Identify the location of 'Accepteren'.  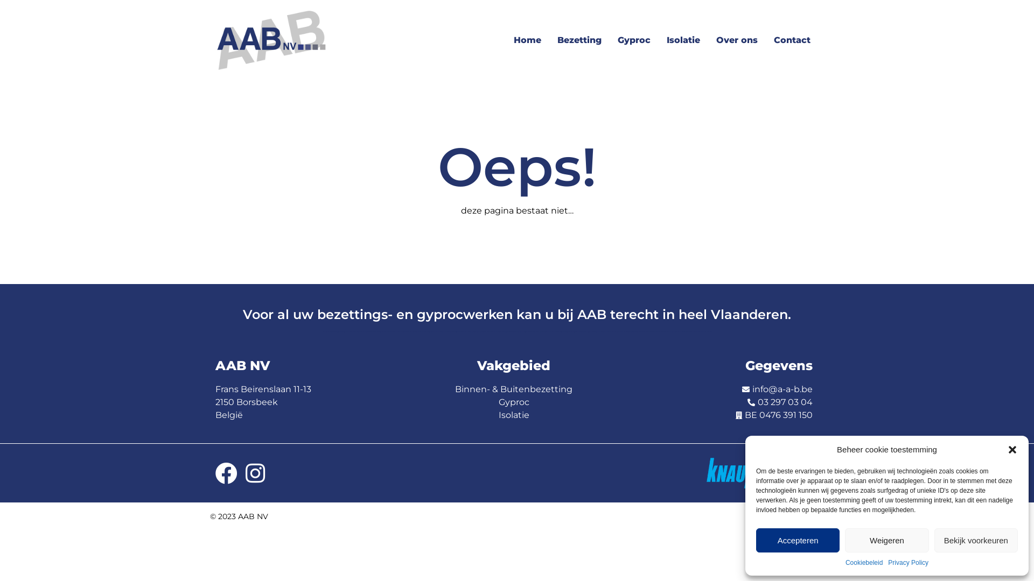
(798, 540).